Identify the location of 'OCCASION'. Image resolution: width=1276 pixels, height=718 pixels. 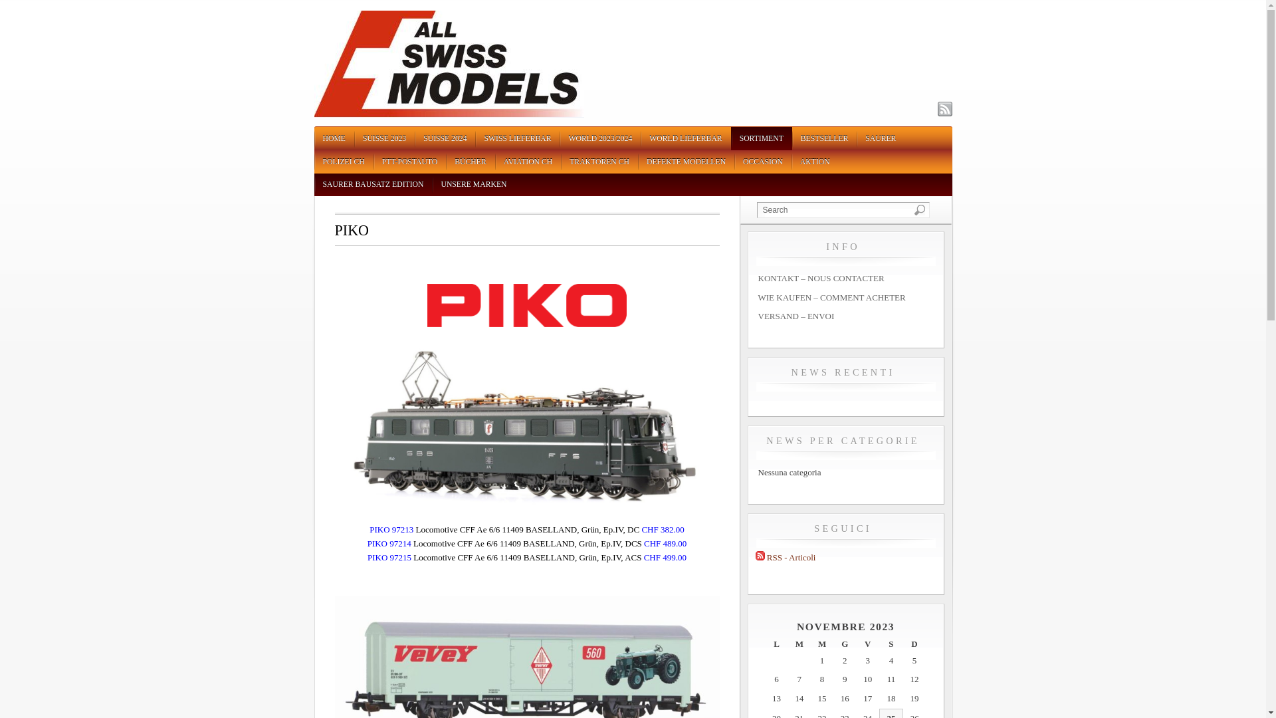
(733, 161).